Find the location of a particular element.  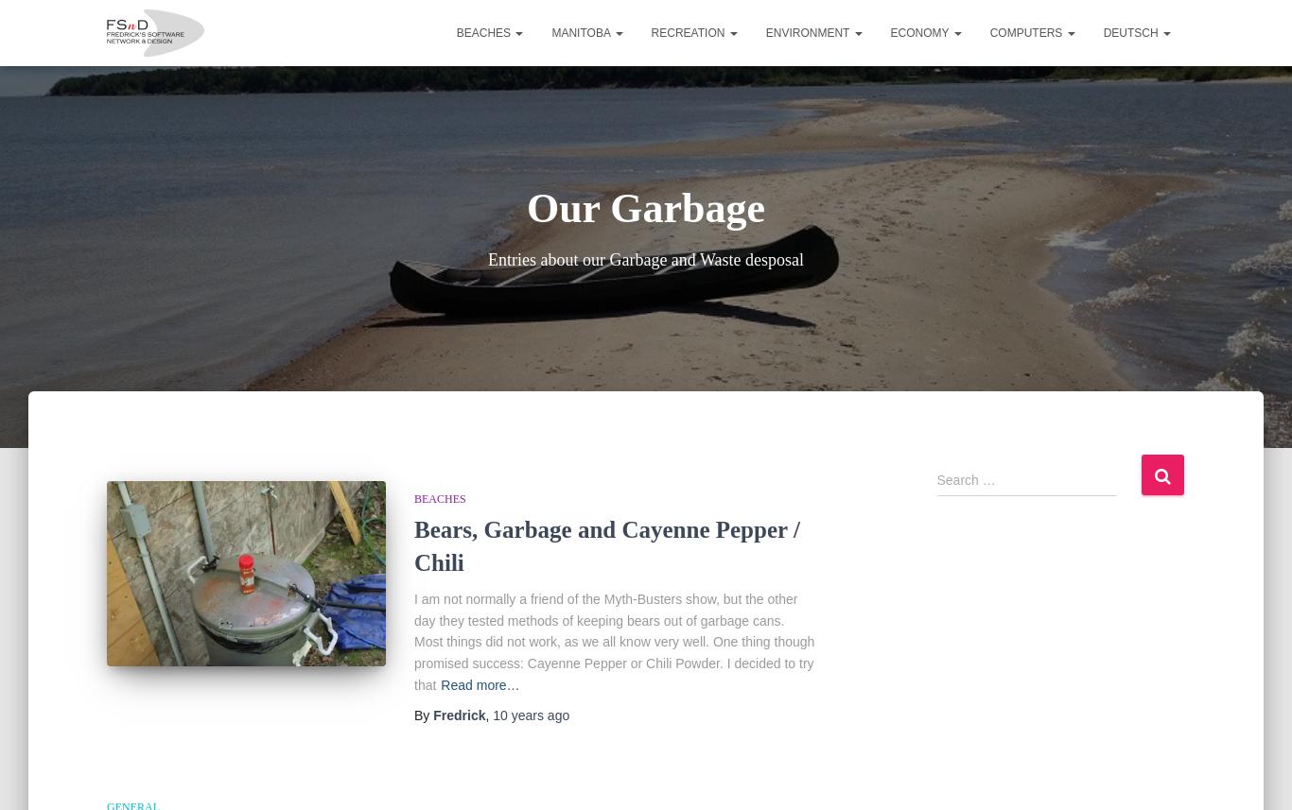

'By' is located at coordinates (423, 714).